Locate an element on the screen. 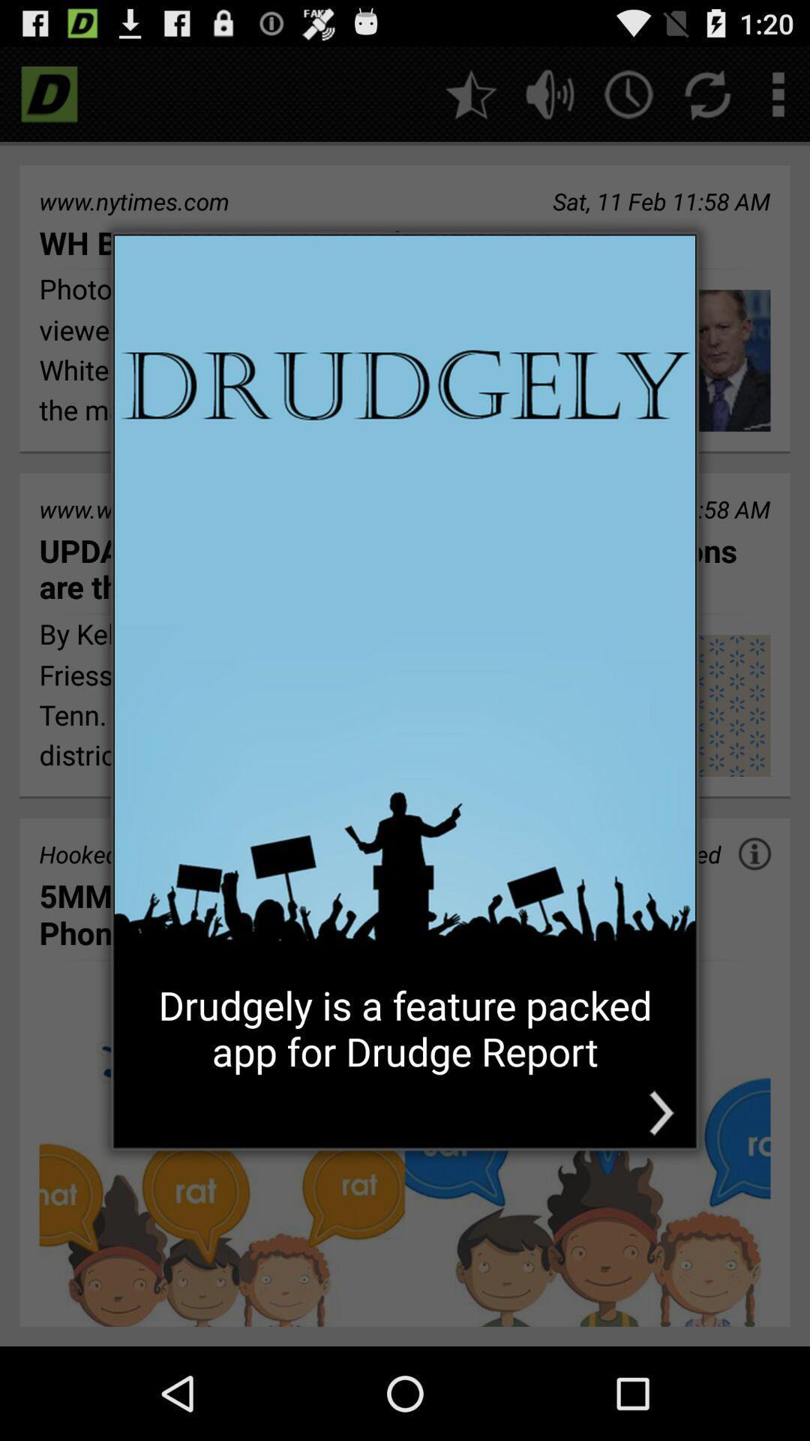 The height and width of the screenshot is (1441, 810). the icon at the bottom right corner is located at coordinates (661, 1113).